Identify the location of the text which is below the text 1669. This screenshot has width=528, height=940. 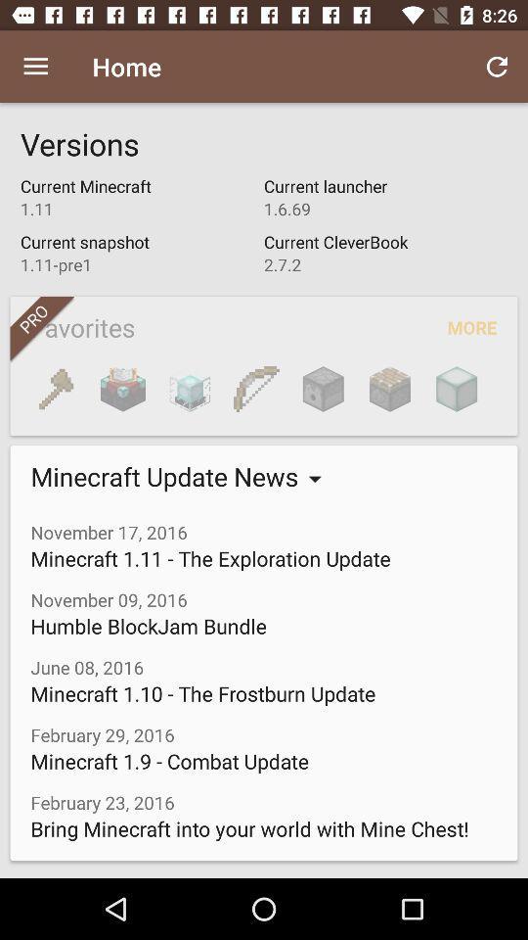
(385, 253).